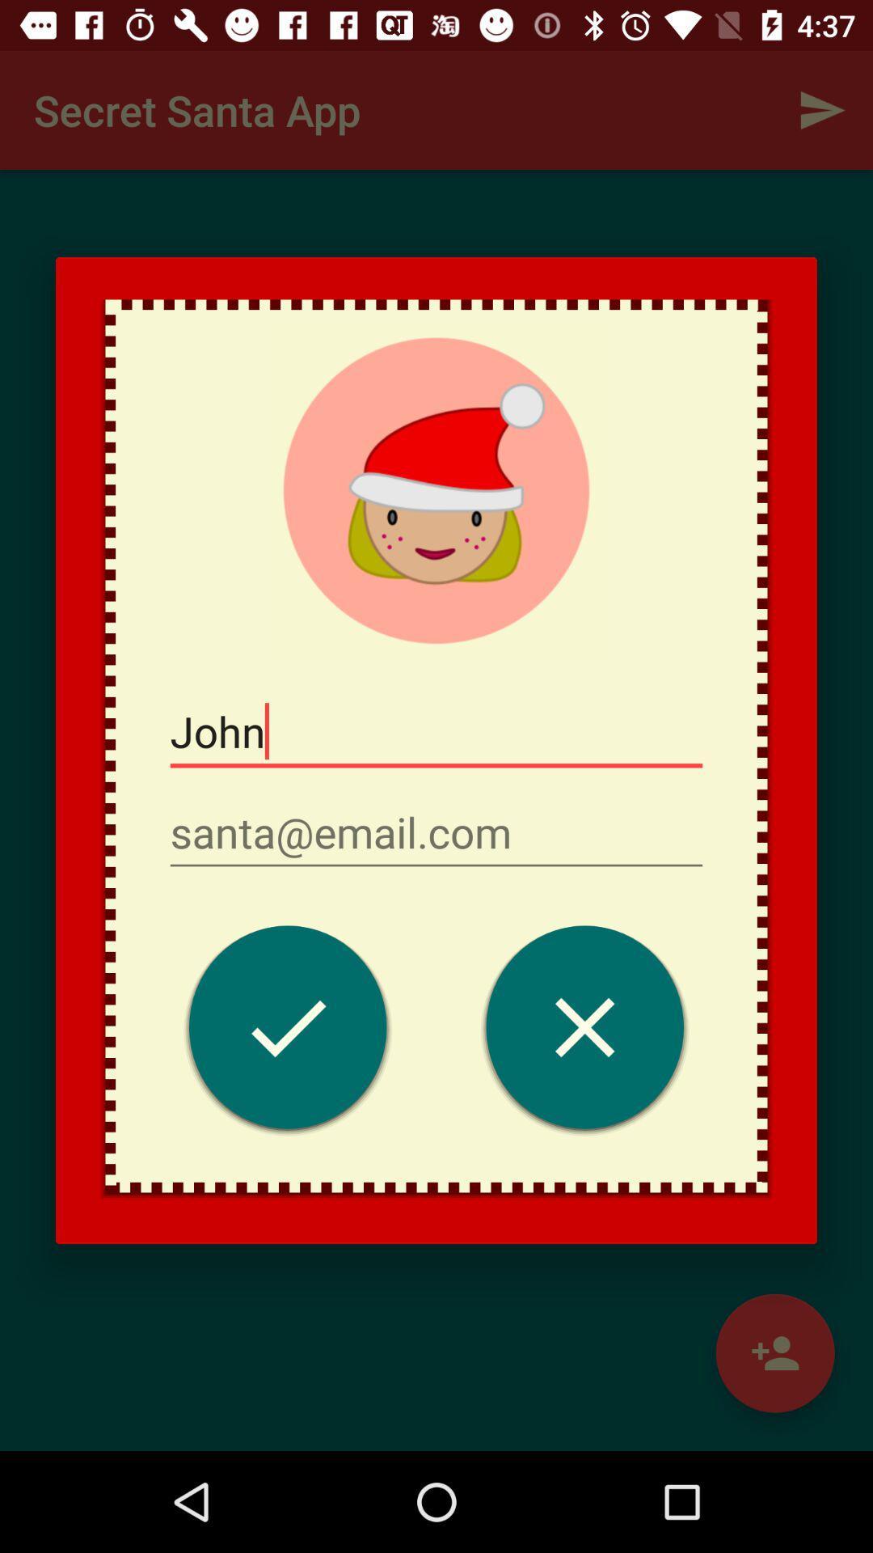 This screenshot has height=1553, width=873. I want to click on icon on the right, so click(584, 1030).